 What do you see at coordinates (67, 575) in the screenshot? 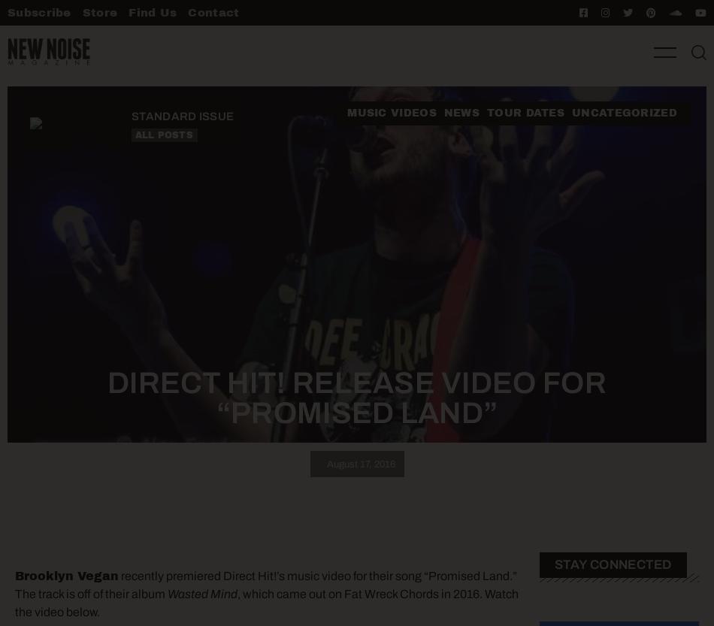
I see `'Brooklyn Vegan'` at bounding box center [67, 575].